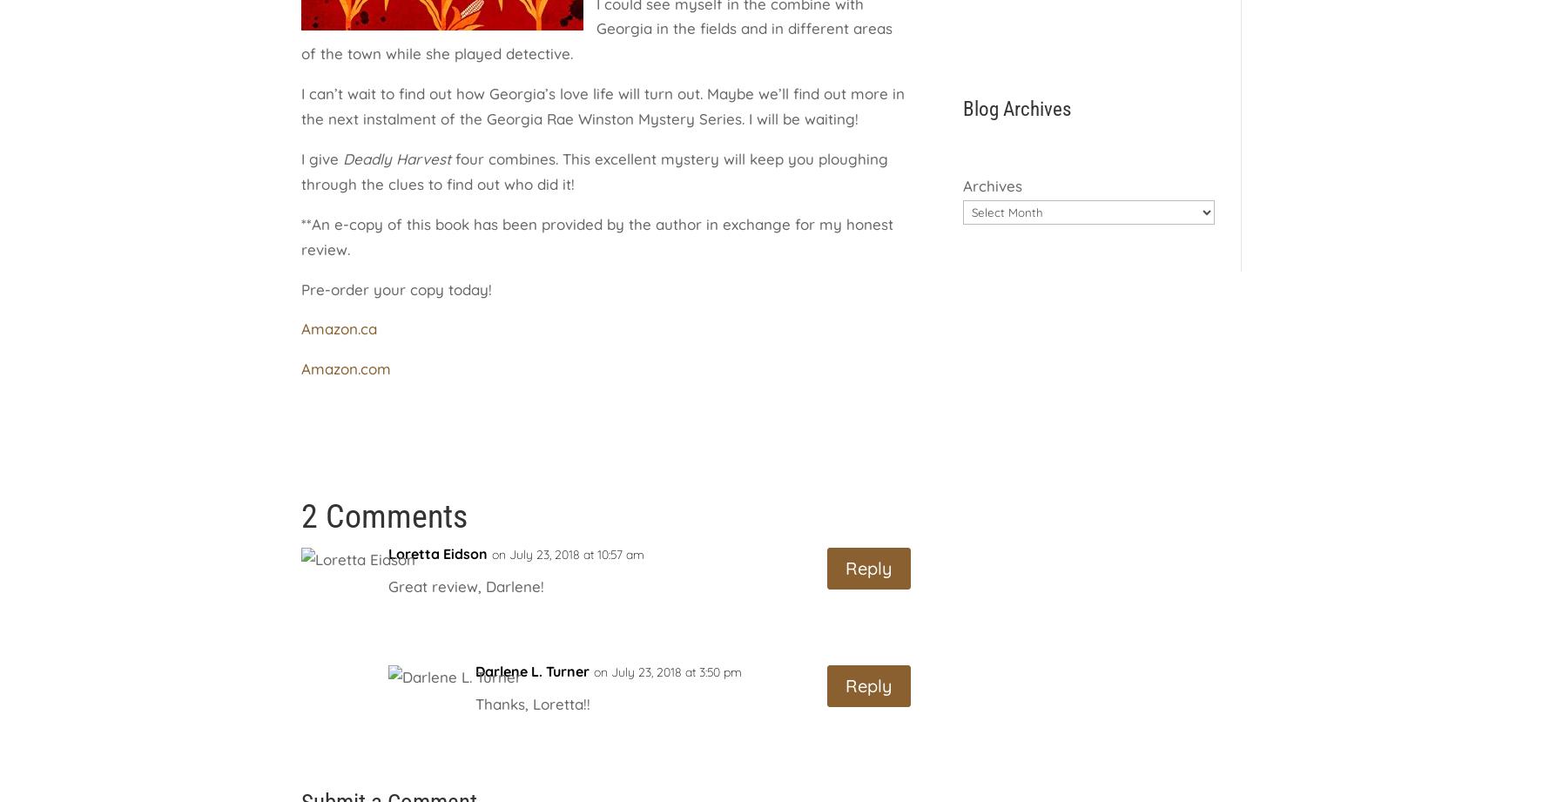 This screenshot has width=1543, height=802. What do you see at coordinates (437, 554) in the screenshot?
I see `'Loretta Eidson'` at bounding box center [437, 554].